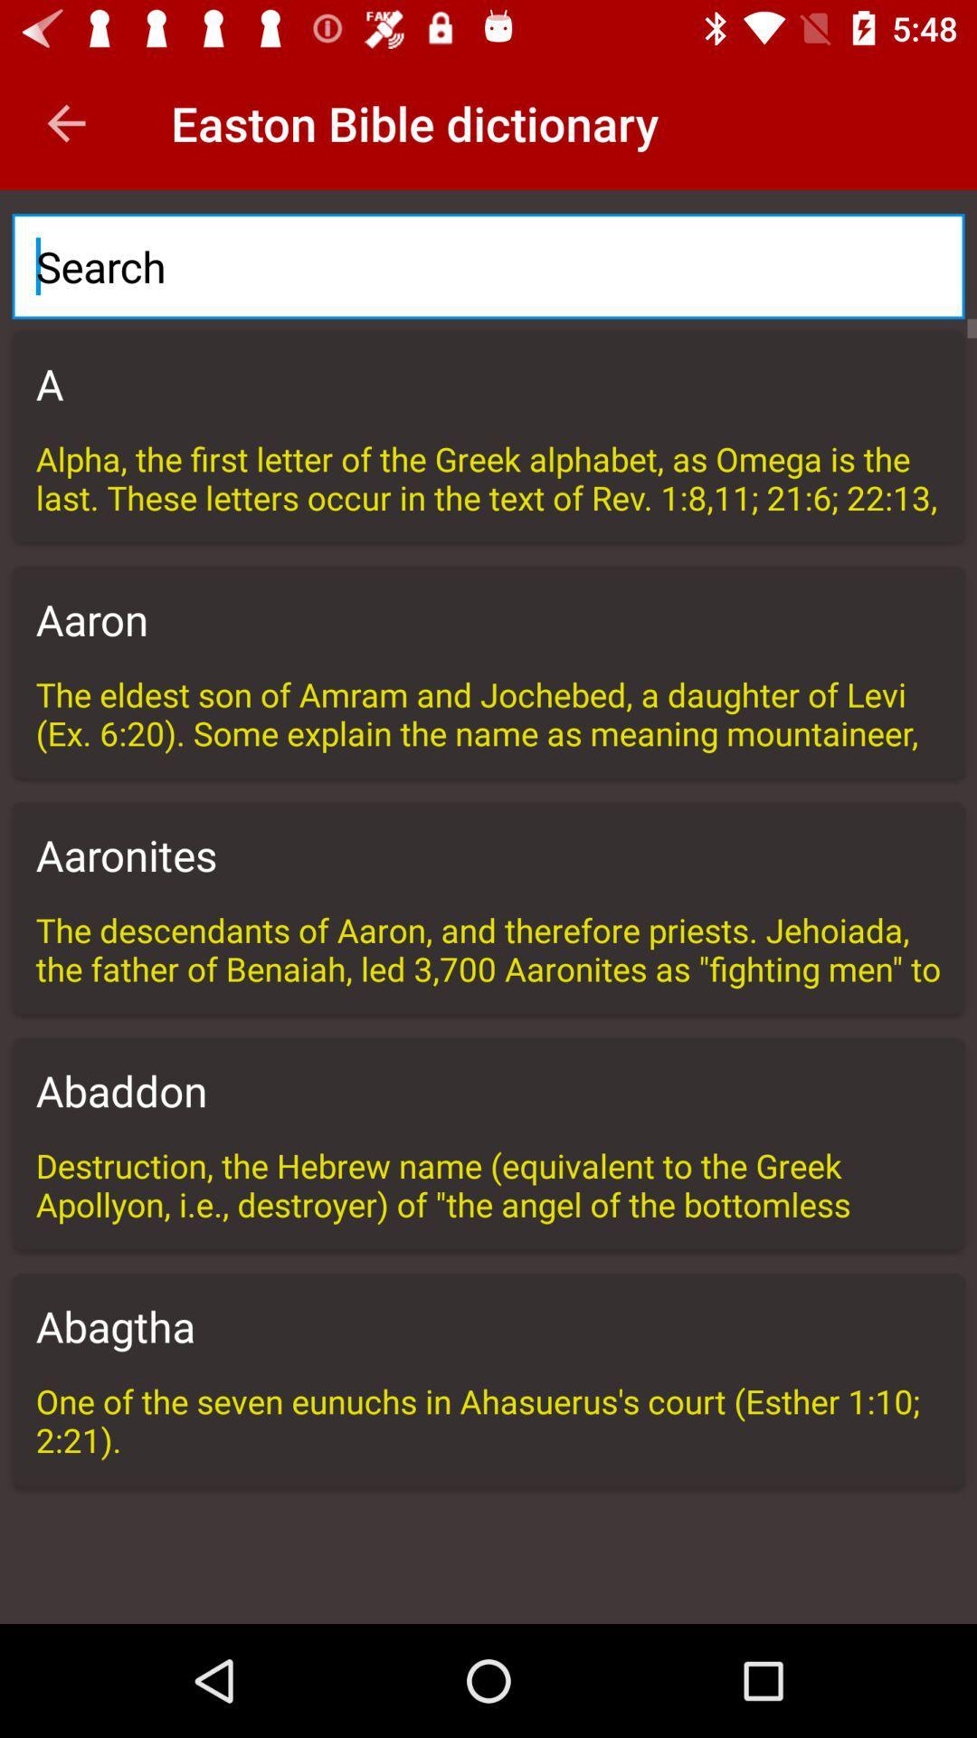 The height and width of the screenshot is (1738, 977). Describe the element at coordinates (488, 1326) in the screenshot. I see `the icon above one of the icon` at that location.